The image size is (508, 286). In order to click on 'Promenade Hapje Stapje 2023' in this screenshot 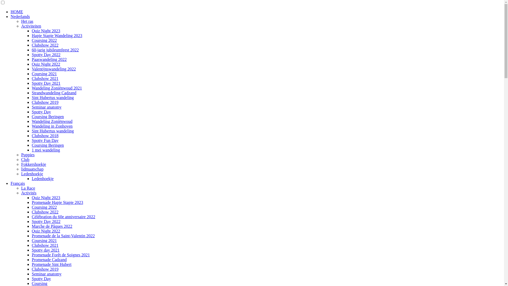, I will do `click(57, 202)`.